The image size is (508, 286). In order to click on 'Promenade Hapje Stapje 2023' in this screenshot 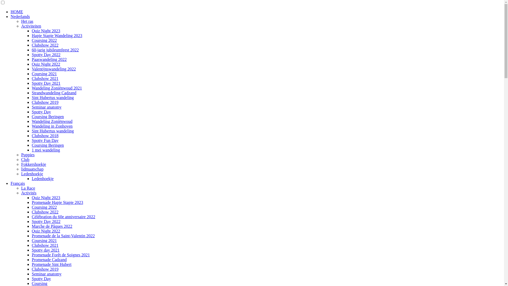, I will do `click(57, 202)`.